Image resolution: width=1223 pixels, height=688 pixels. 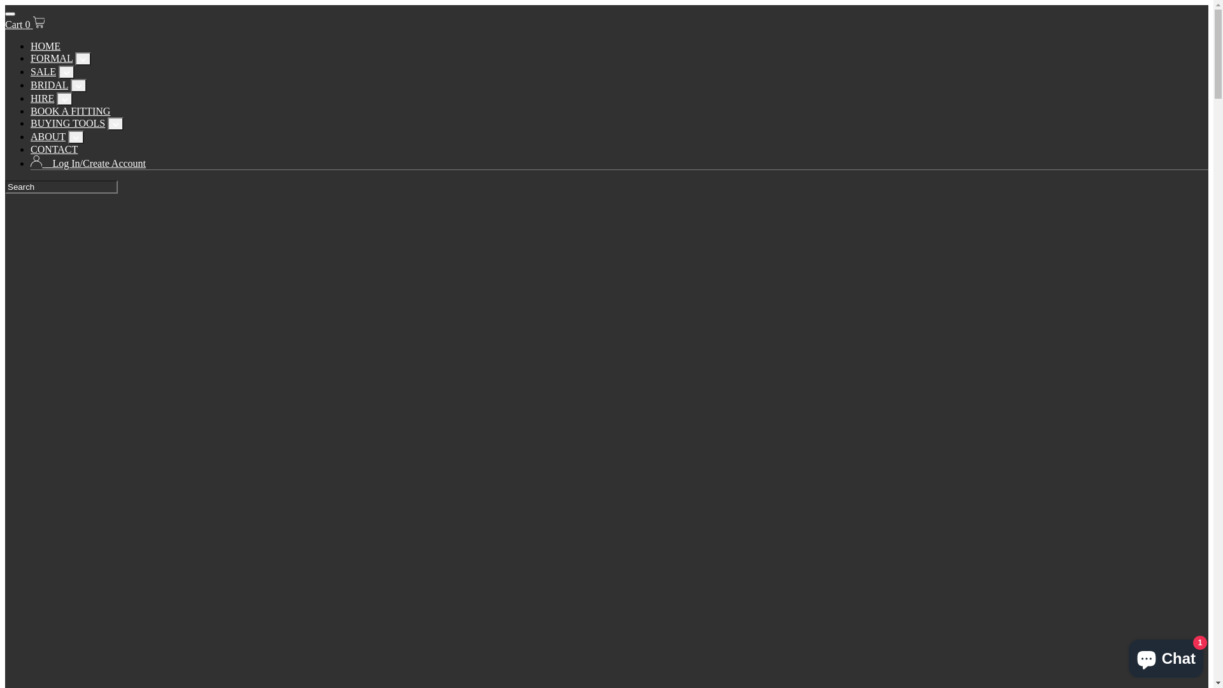 What do you see at coordinates (42, 97) in the screenshot?
I see `'HIRE'` at bounding box center [42, 97].